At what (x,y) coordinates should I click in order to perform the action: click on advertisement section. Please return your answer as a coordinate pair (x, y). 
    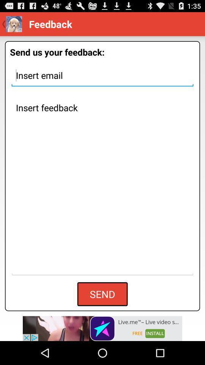
    Looking at the image, I should click on (102, 328).